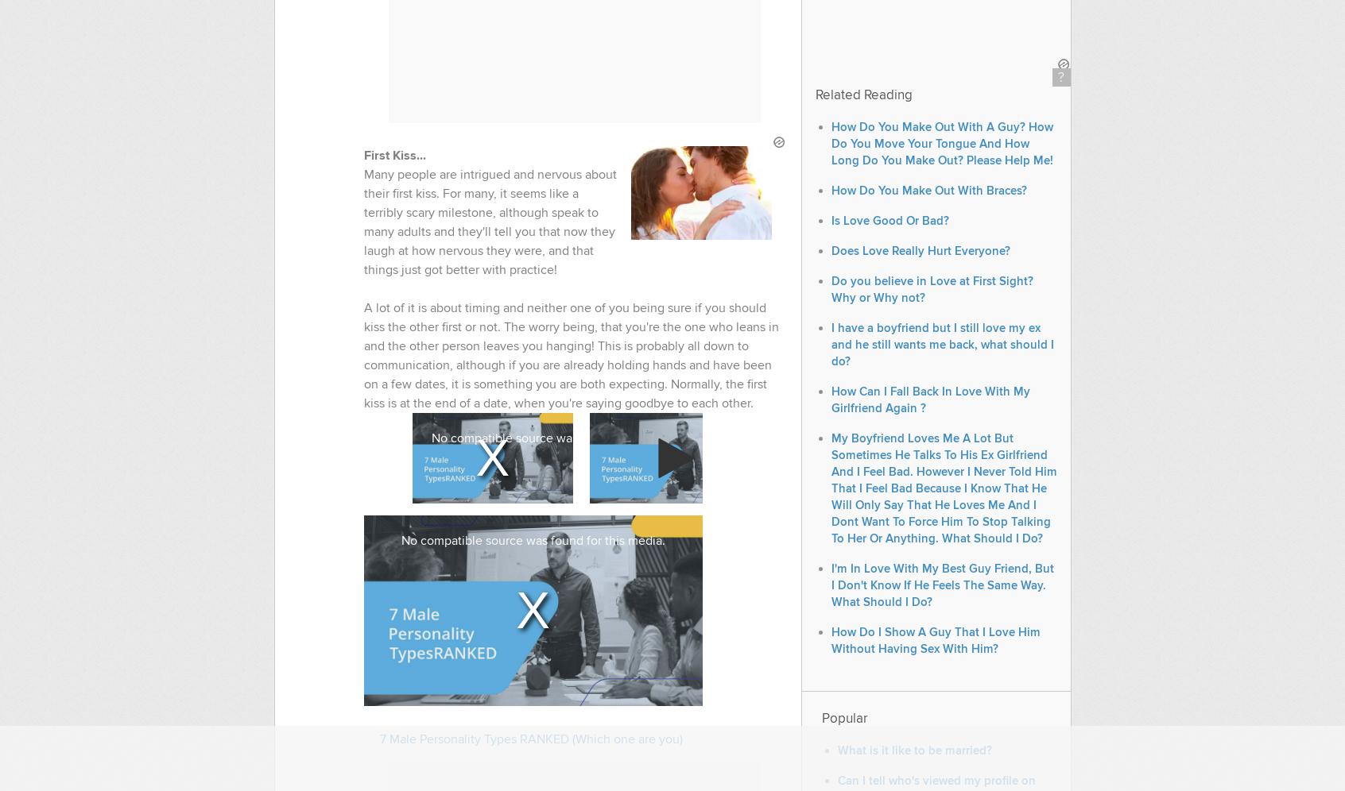 The image size is (1345, 791). What do you see at coordinates (942, 488) in the screenshot?
I see `'My Boyfriend Loves Me A Lot  But Sometimes He Talks To His Ex Girlfriend And I Feel Bad. However I Never Told Him That I Feel Bad Because I Know That He Will Only Say That He Loves Me And I Dont Want To Force Him To Stop Talking To Her Or Anything. What Should I Do?'` at bounding box center [942, 488].